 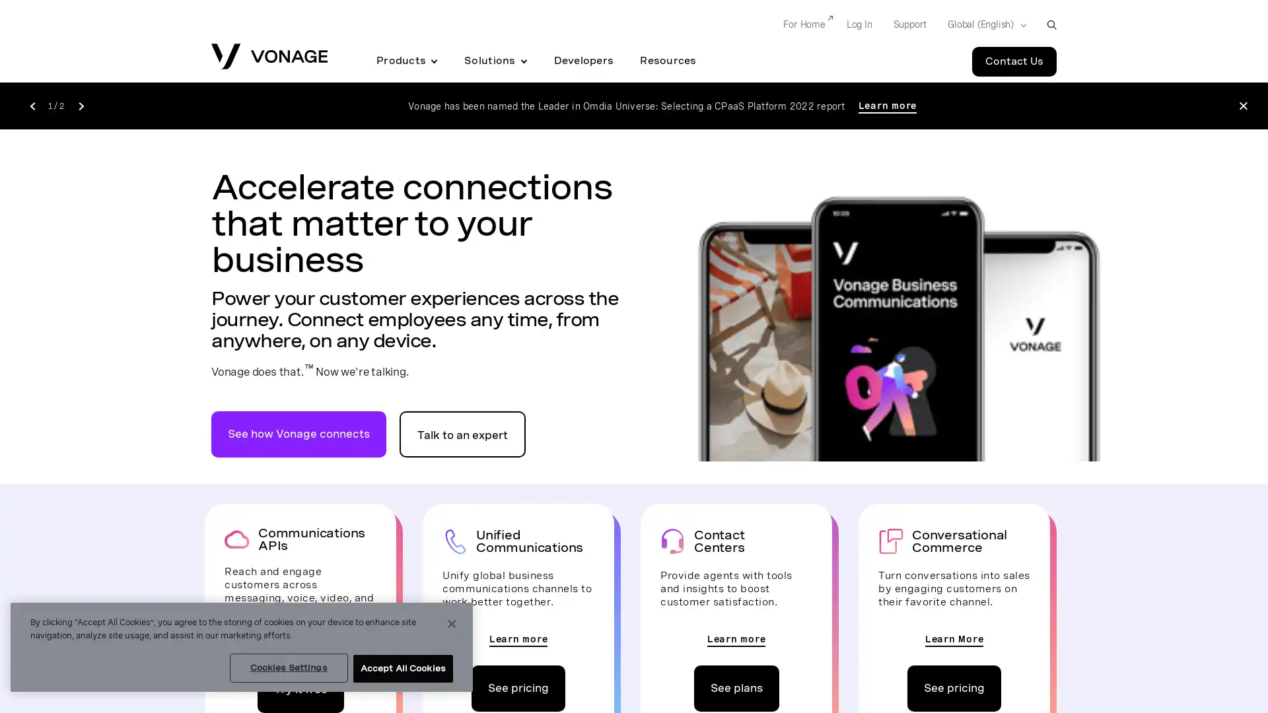 What do you see at coordinates (298, 433) in the screenshot?
I see `go to vonage does that video` at bounding box center [298, 433].